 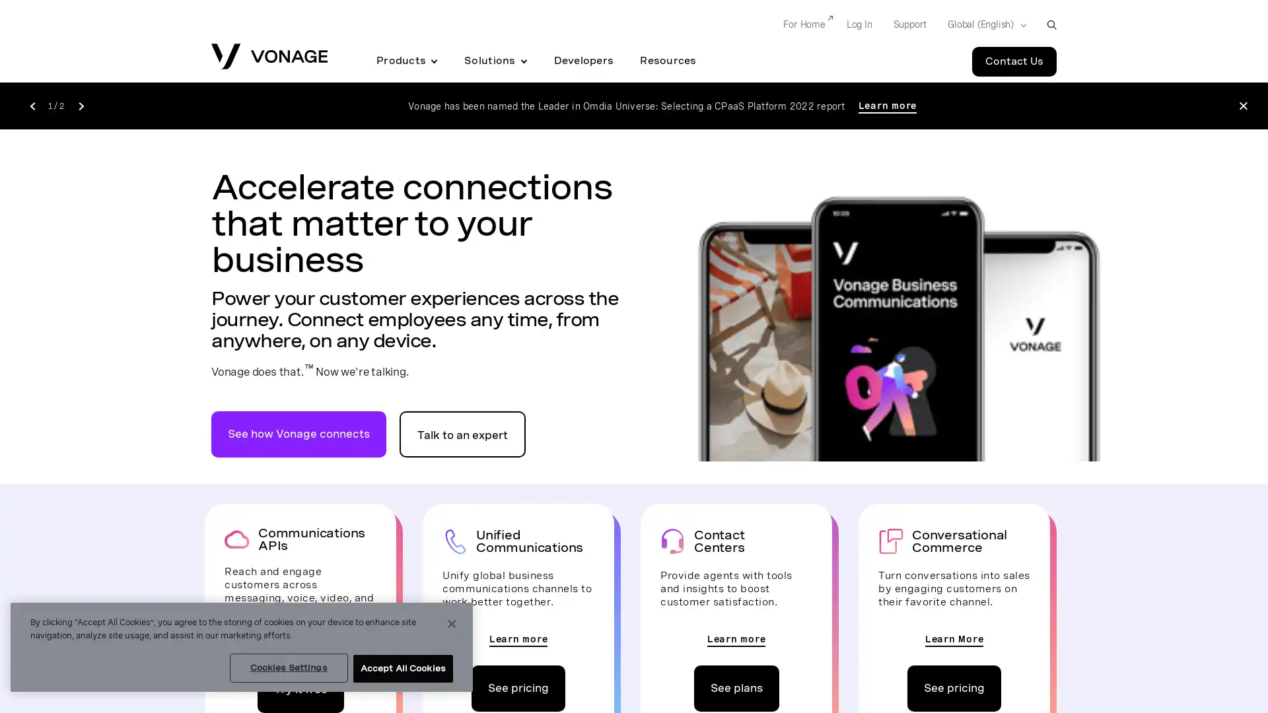 What do you see at coordinates (298, 433) in the screenshot?
I see `go to vonage does that video` at bounding box center [298, 433].